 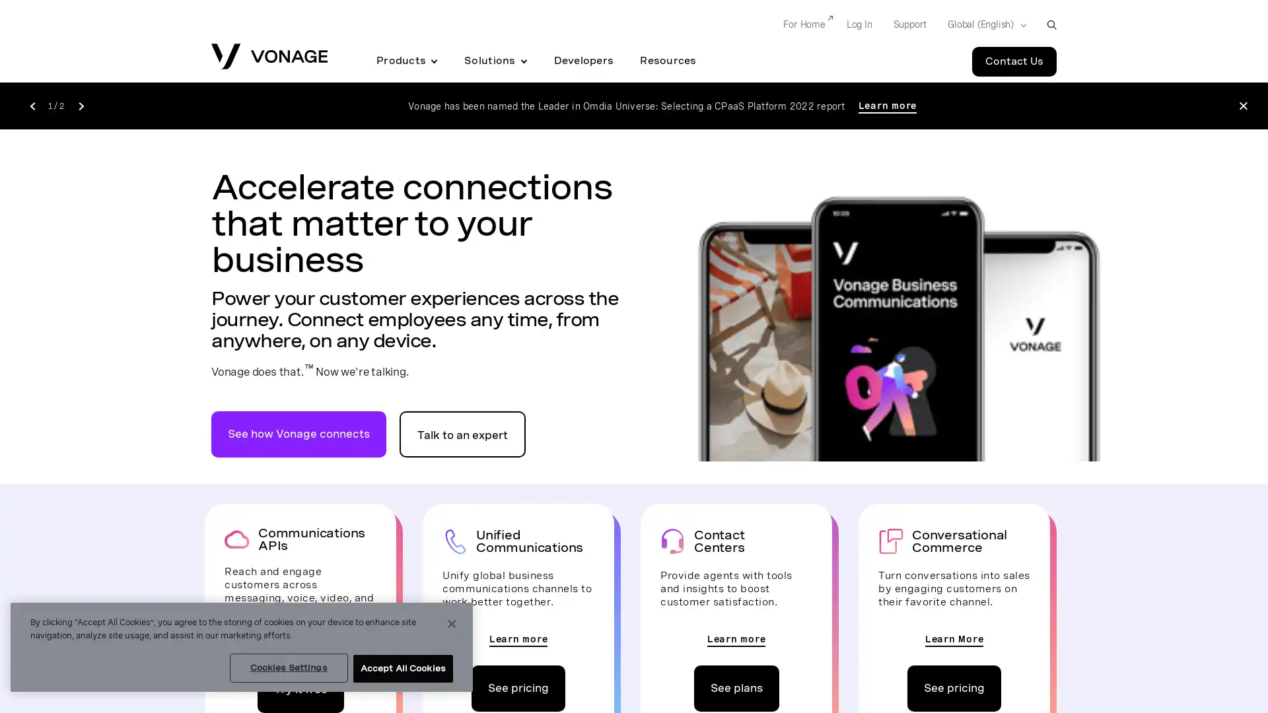 What do you see at coordinates (298, 433) in the screenshot?
I see `go to vonage does that video` at bounding box center [298, 433].